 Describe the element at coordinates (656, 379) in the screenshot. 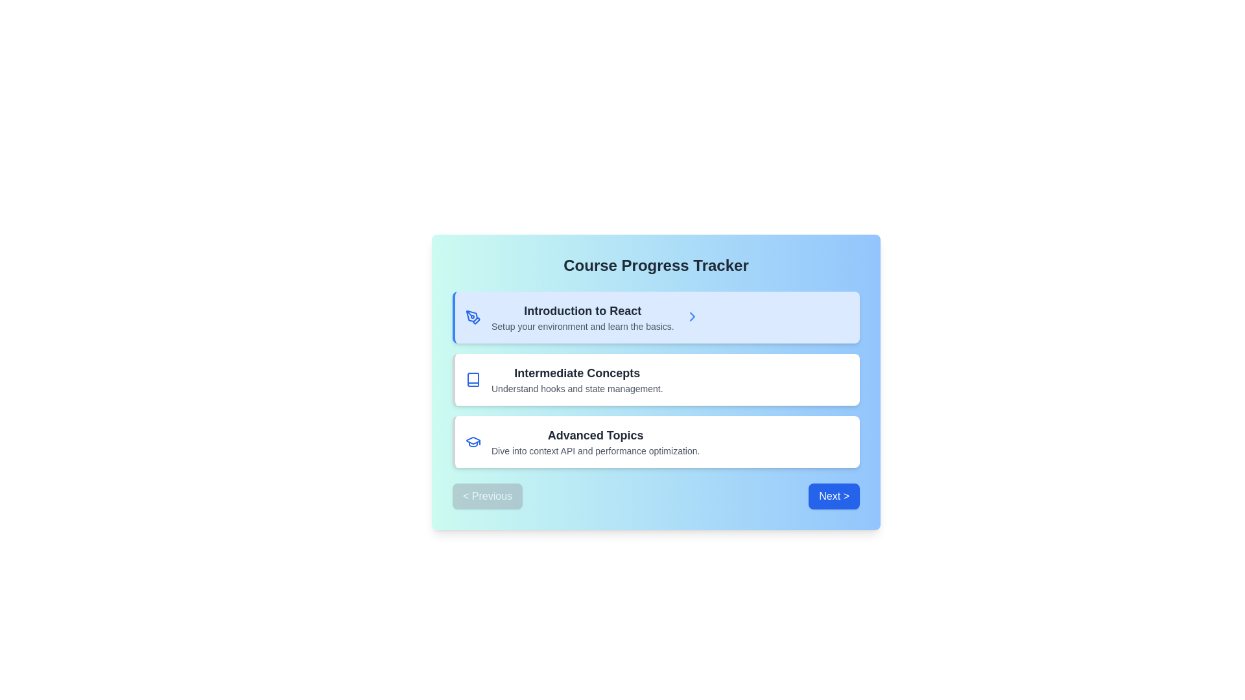

I see `the second content module in the course progress tracker` at that location.